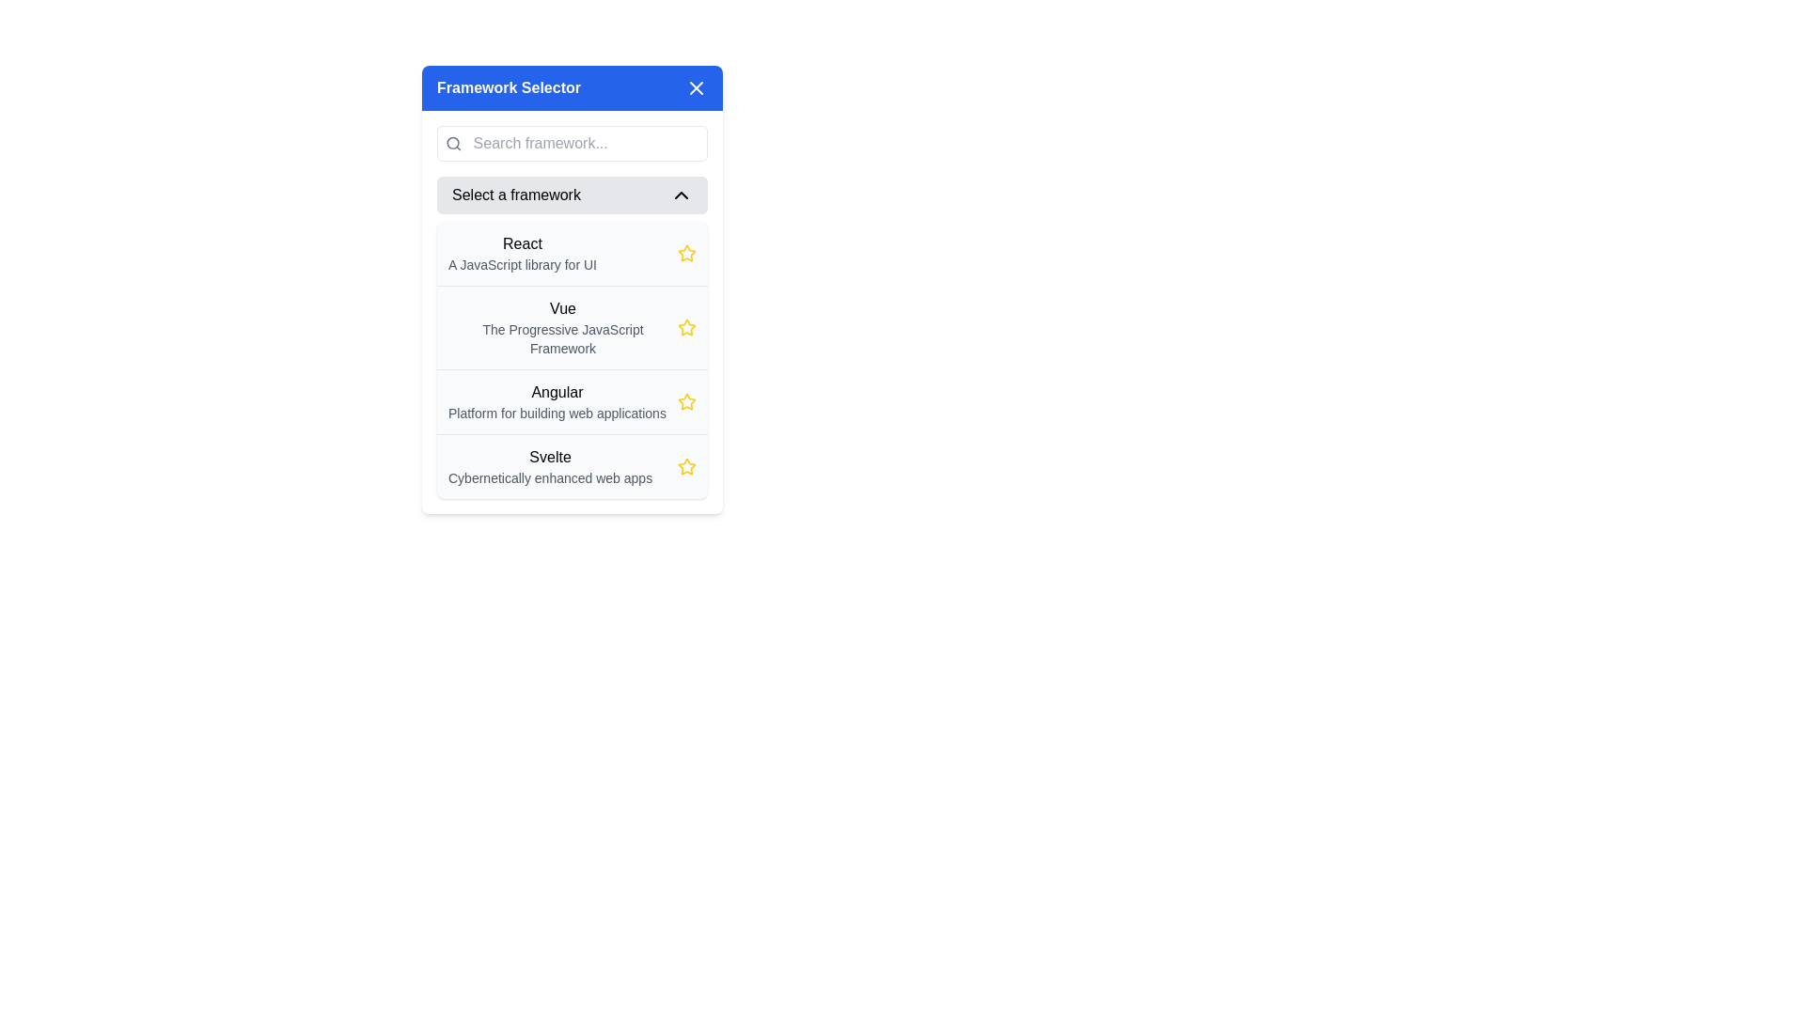 The image size is (1805, 1015). I want to click on the List item containing the text 'Vue', so click(572, 325).